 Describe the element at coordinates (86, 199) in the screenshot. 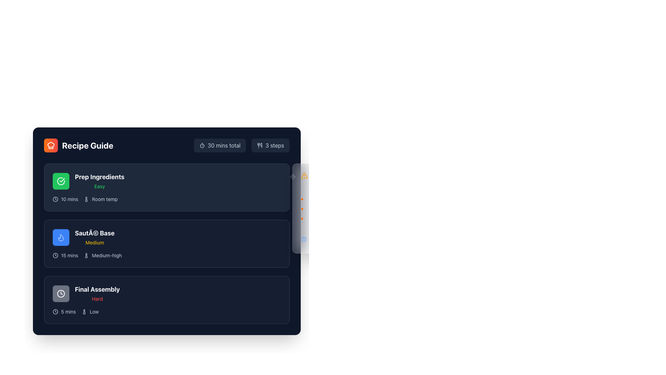

I see `the temperature indicator icon located to the left of the 'Room temp' text in the 'Prep Ingredients' section of the Recipe Guide interface` at that location.